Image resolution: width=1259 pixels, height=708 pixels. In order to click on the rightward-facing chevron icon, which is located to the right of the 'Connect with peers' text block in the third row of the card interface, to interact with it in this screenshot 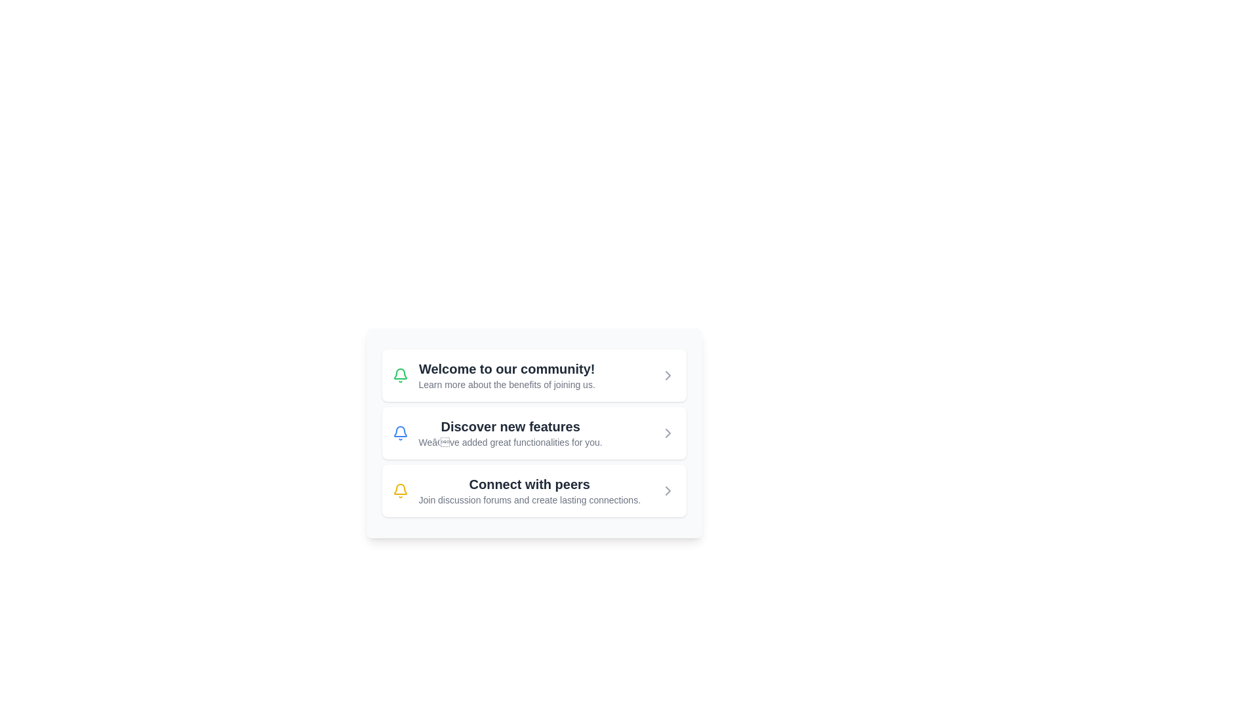, I will do `click(668, 490)`.